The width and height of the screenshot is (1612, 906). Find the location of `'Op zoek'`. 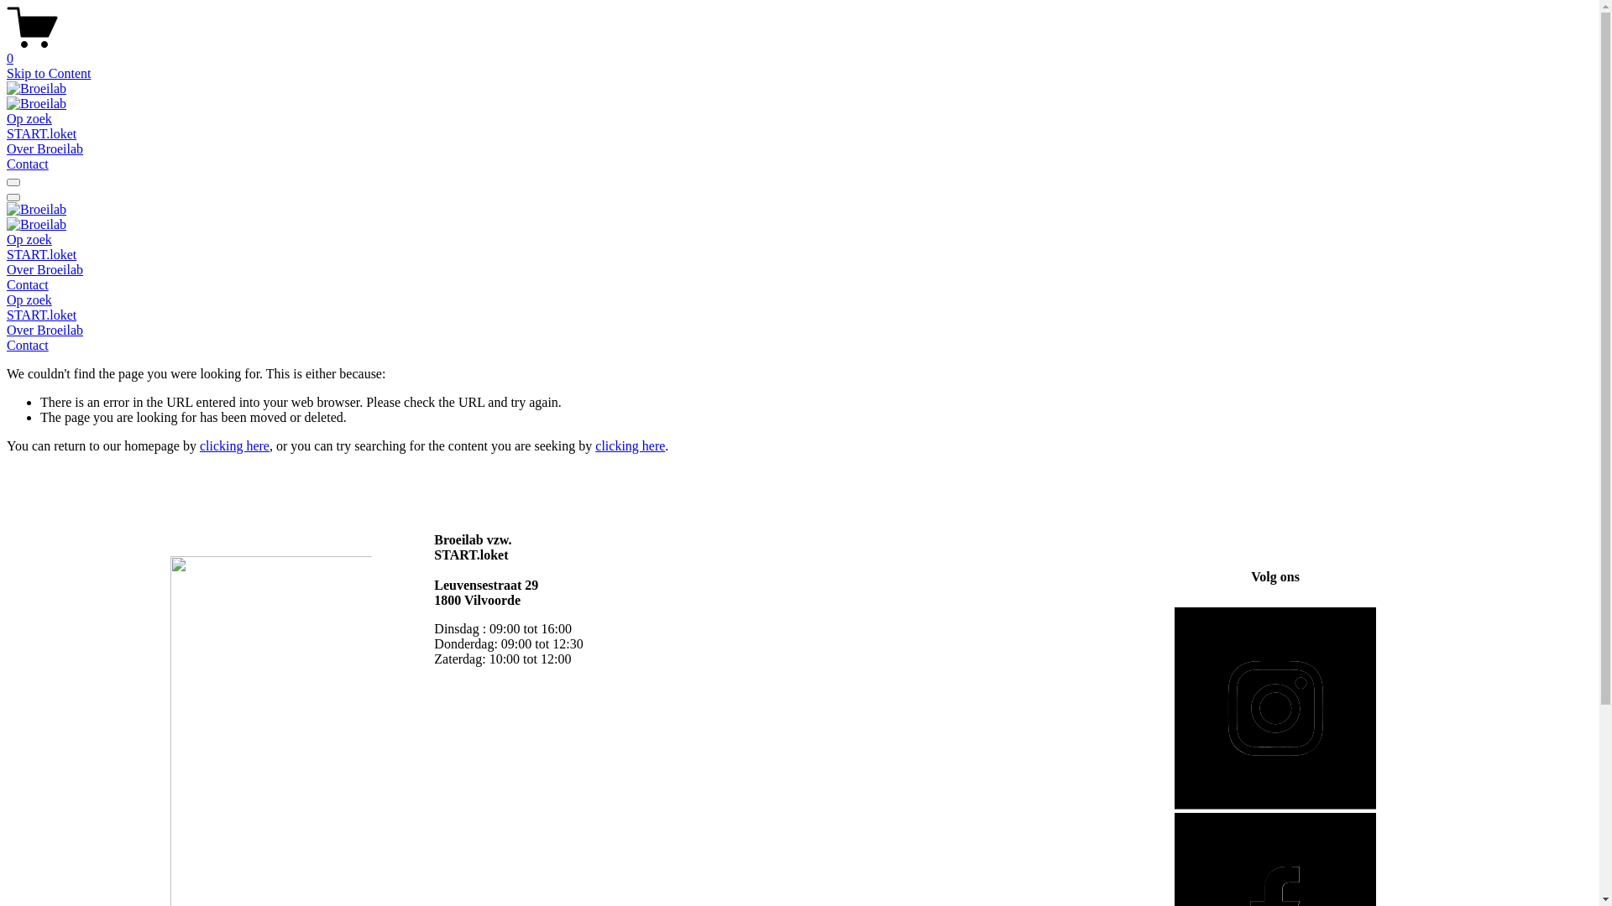

'Op zoek' is located at coordinates (29, 239).